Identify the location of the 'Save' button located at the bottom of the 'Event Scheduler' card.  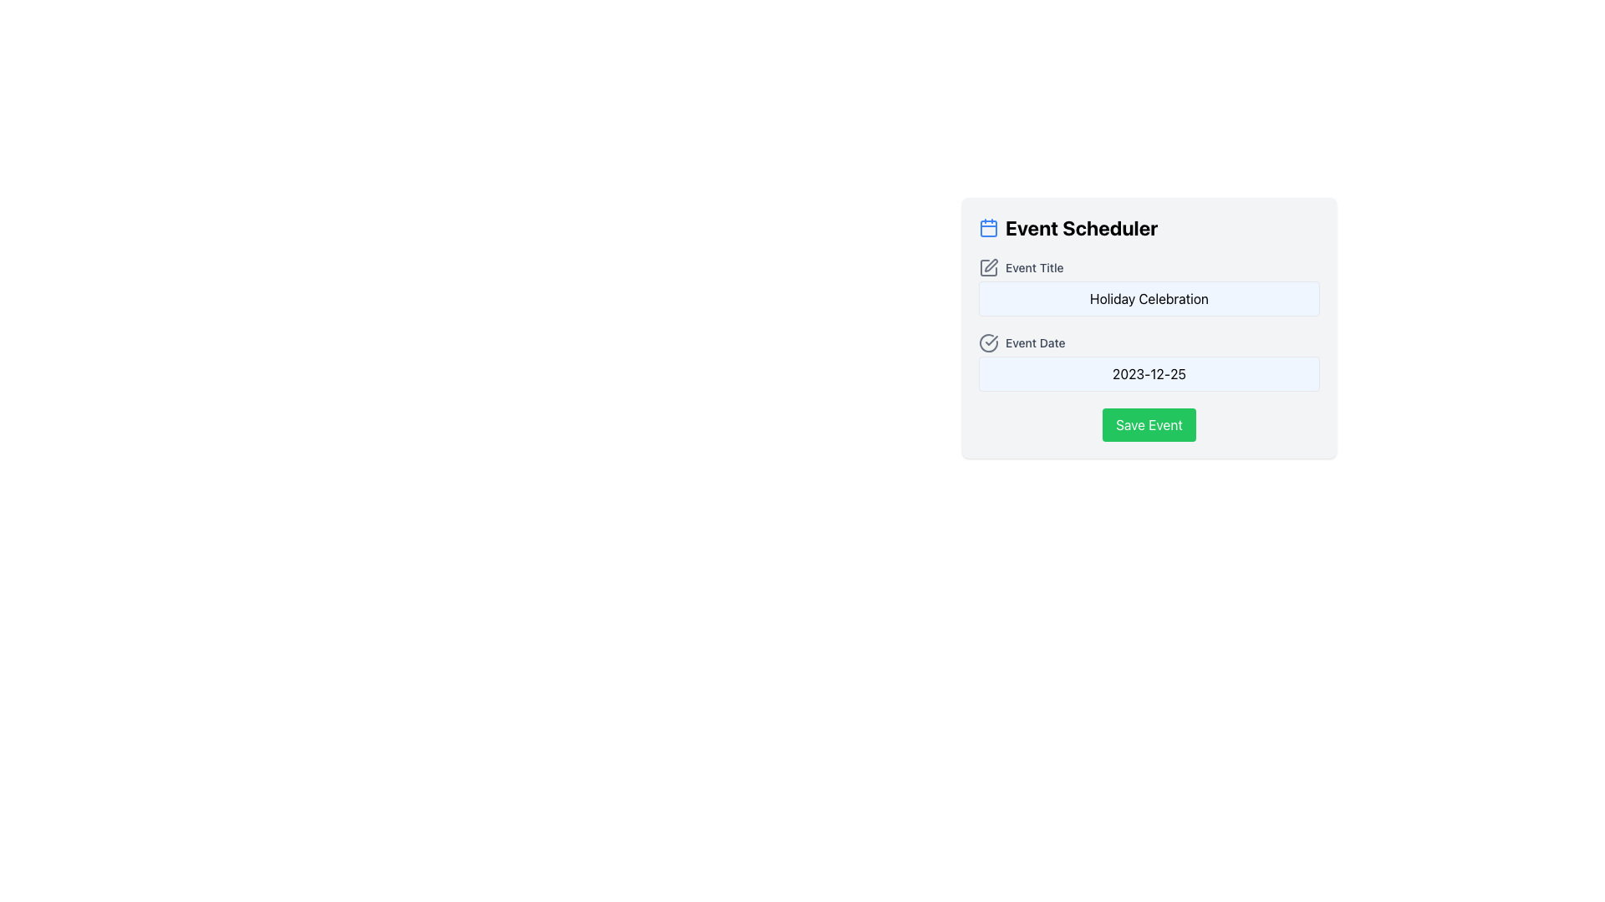
(1148, 424).